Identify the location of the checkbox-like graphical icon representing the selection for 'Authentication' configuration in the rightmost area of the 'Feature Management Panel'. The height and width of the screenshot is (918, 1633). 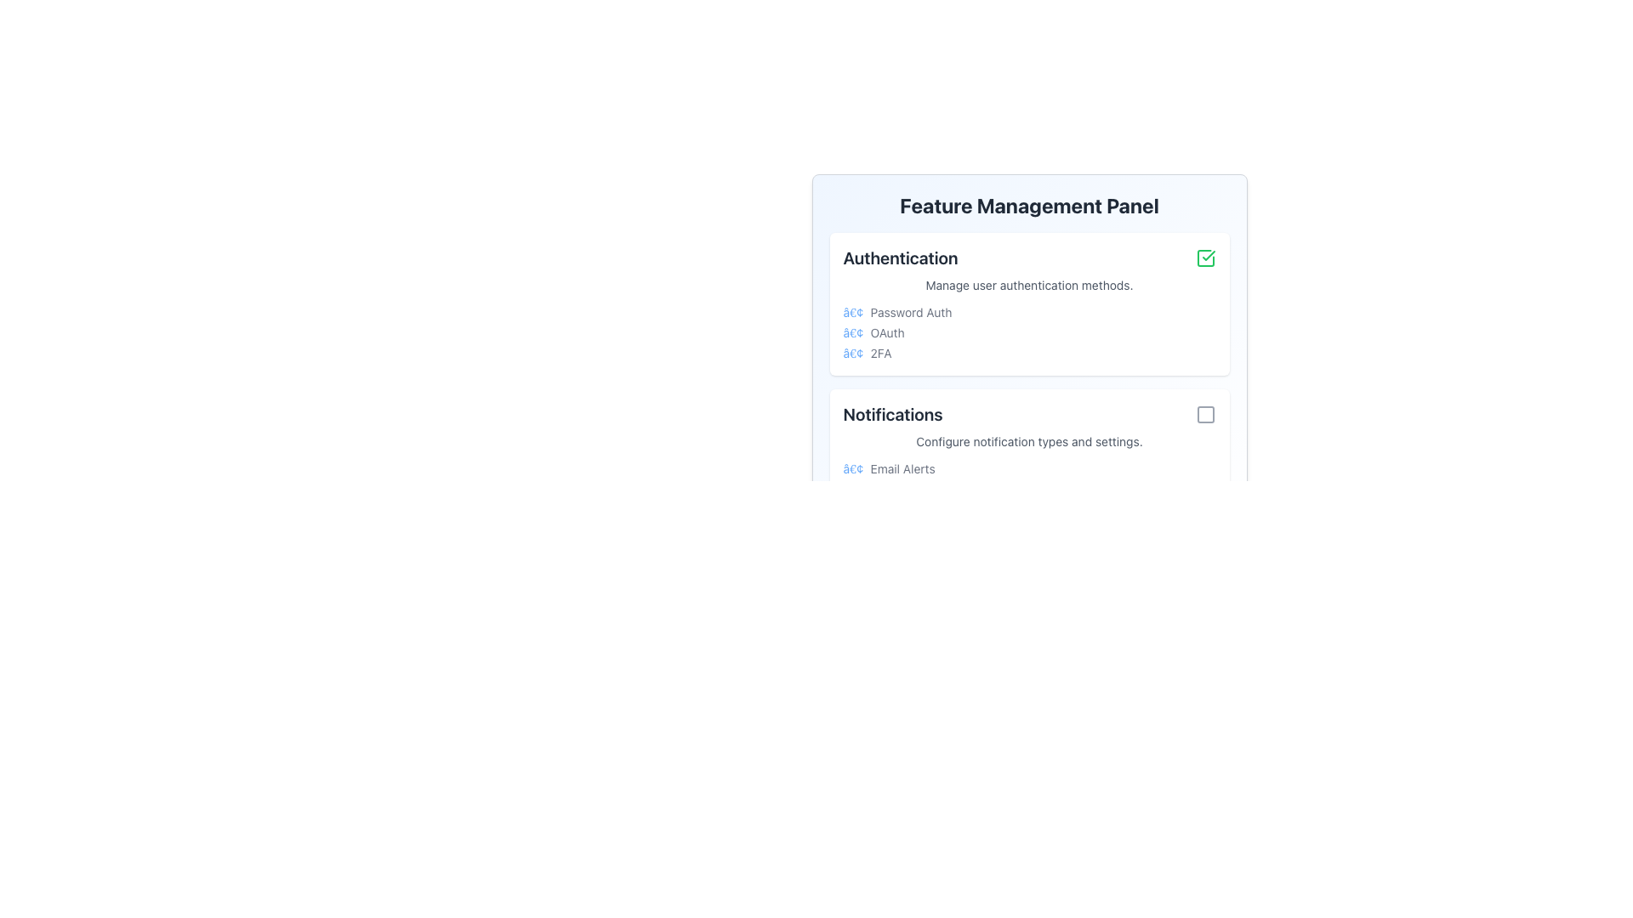
(1204, 258).